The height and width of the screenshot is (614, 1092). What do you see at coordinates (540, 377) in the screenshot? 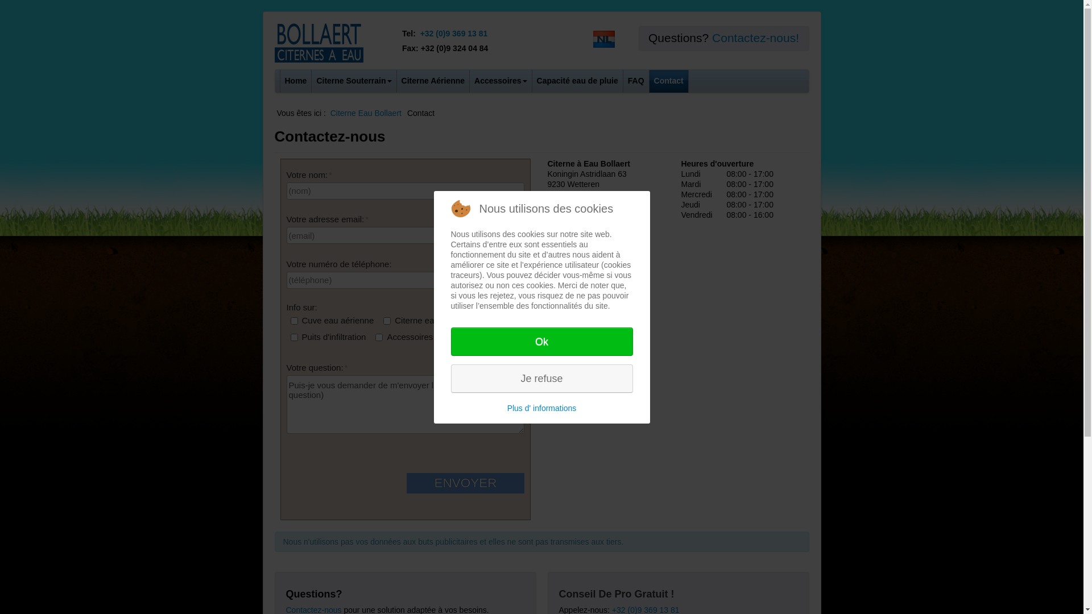
I see `'Je refuse'` at bounding box center [540, 377].